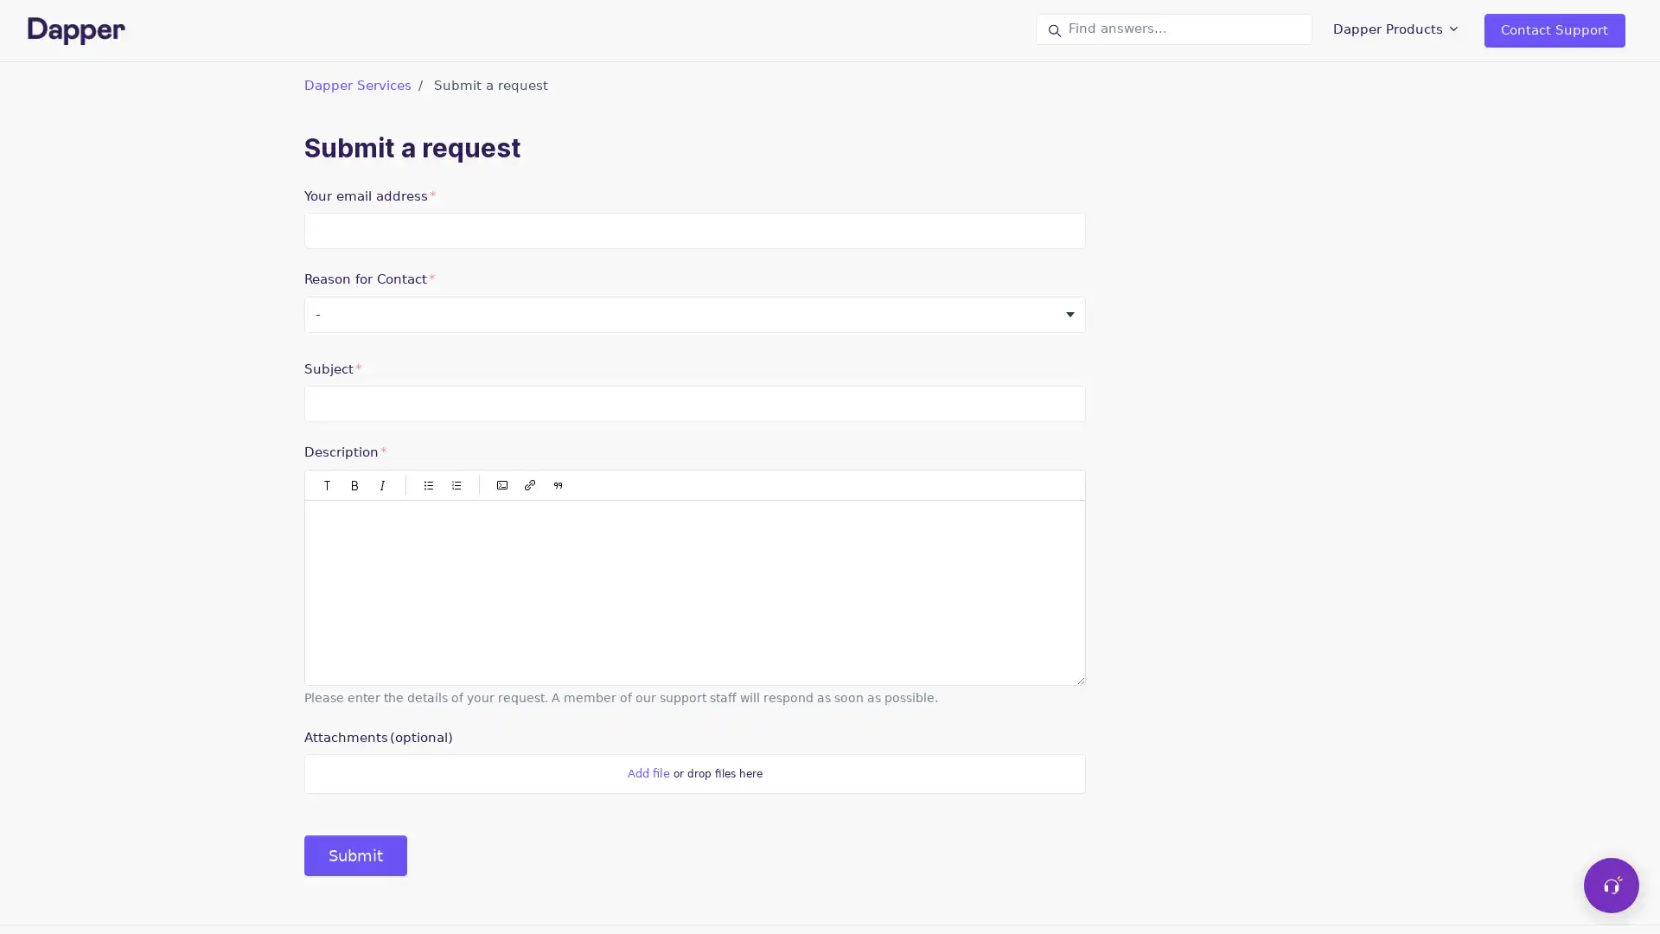 Image resolution: width=1660 pixels, height=934 pixels. What do you see at coordinates (501, 484) in the screenshot?
I see `Code block` at bounding box center [501, 484].